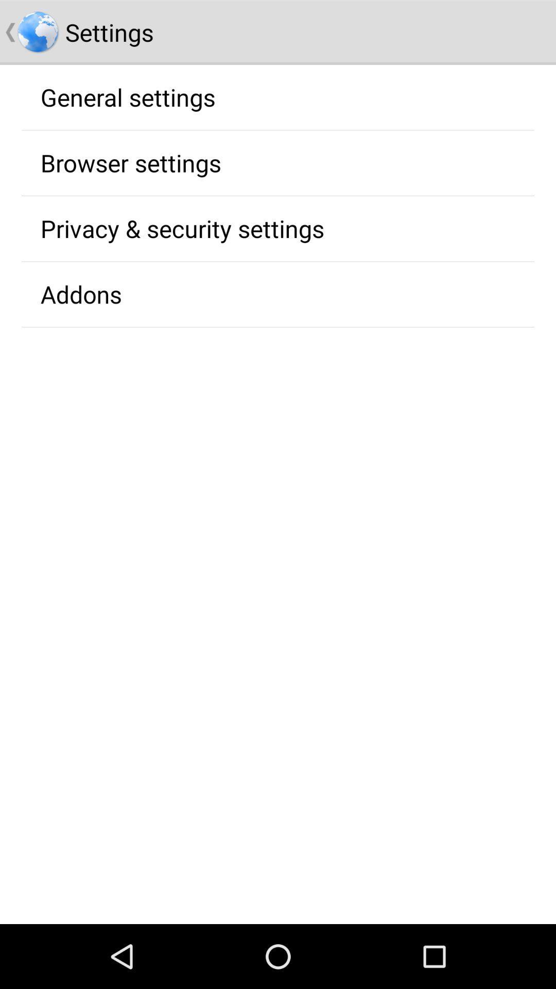  What do you see at coordinates (127, 97) in the screenshot?
I see `general settings app` at bounding box center [127, 97].